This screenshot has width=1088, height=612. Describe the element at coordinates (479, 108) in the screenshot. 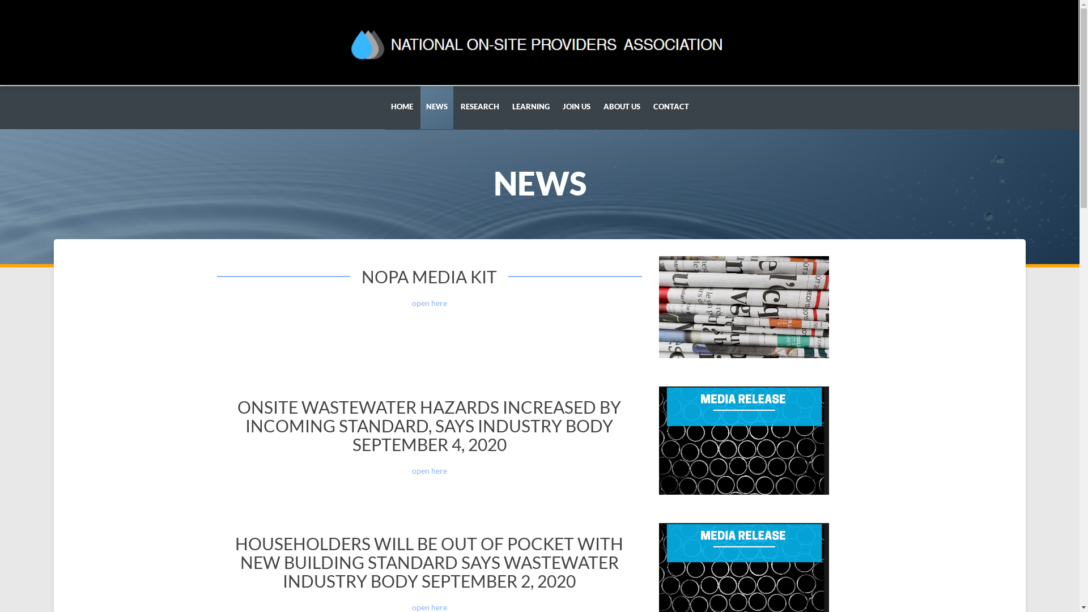

I see `'RESEARCH'` at that location.